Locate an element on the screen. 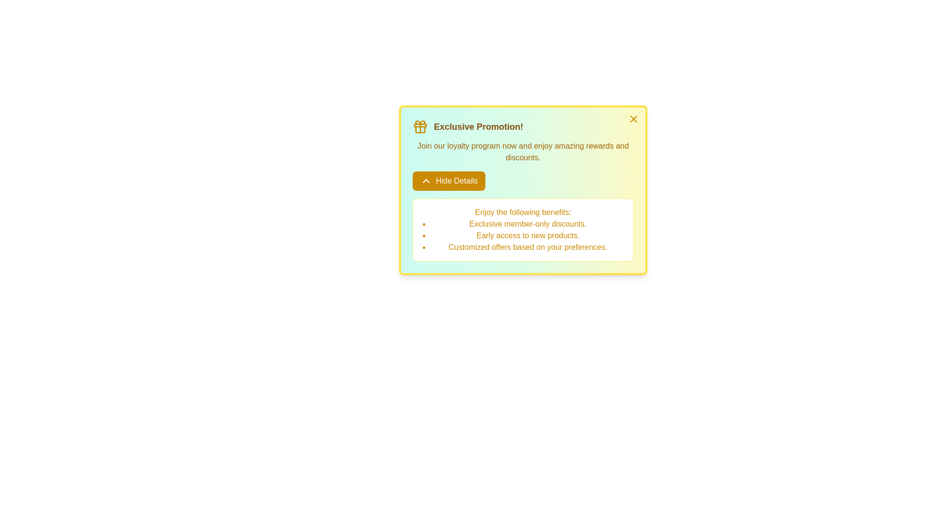  the close button to dismiss the alert is located at coordinates (633, 119).